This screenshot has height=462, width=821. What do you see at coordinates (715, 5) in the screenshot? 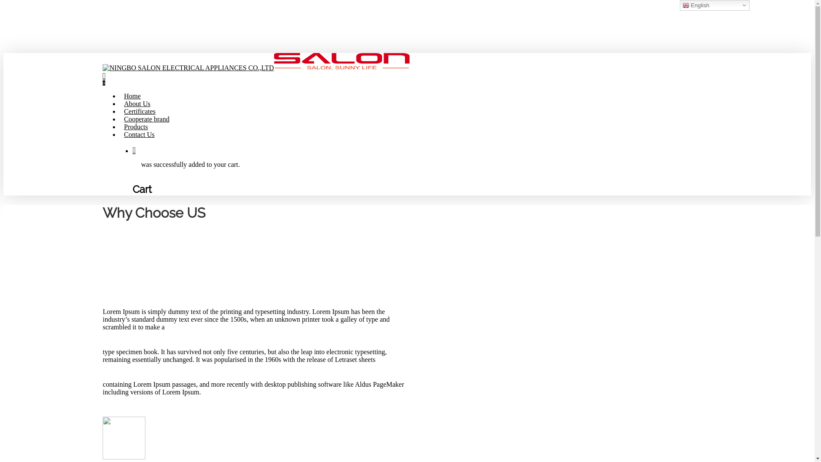
I see `'English'` at bounding box center [715, 5].